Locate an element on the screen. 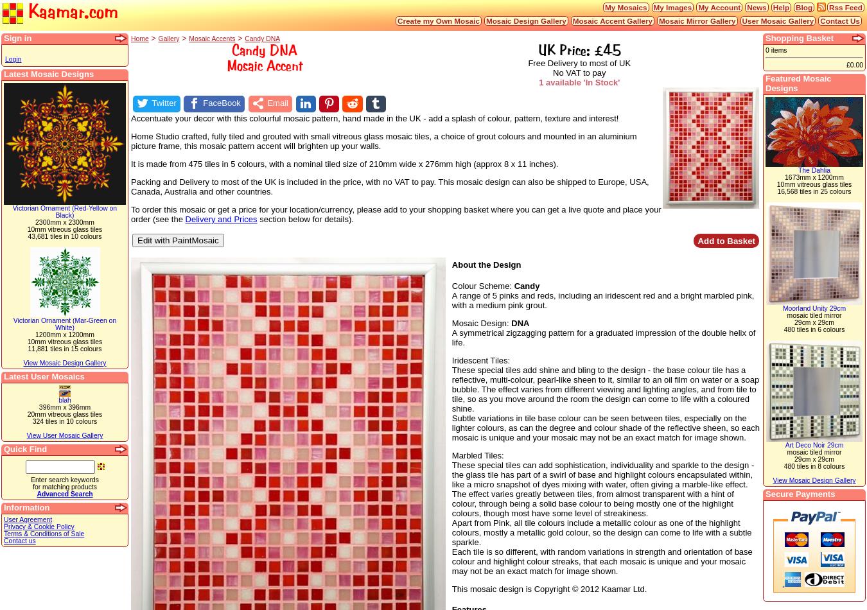 The height and width of the screenshot is (610, 867). 'Each tile is so different, with random variations in strength and orientation of base colour and highlight colour streaks, that each mosaic is unique and your mosaic may not be an exact match for image shown.' is located at coordinates (601, 560).